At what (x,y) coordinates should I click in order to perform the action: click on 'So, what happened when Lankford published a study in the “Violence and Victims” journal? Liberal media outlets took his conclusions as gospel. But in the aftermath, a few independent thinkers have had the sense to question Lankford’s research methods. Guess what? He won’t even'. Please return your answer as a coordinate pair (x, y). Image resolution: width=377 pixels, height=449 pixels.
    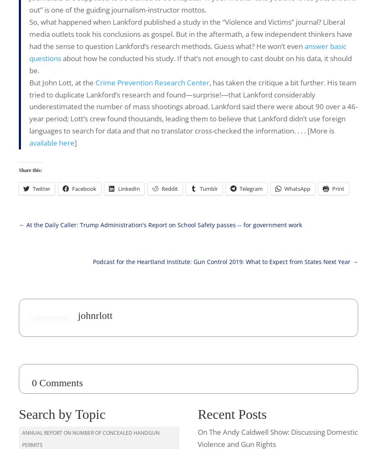
    Looking at the image, I should click on (190, 34).